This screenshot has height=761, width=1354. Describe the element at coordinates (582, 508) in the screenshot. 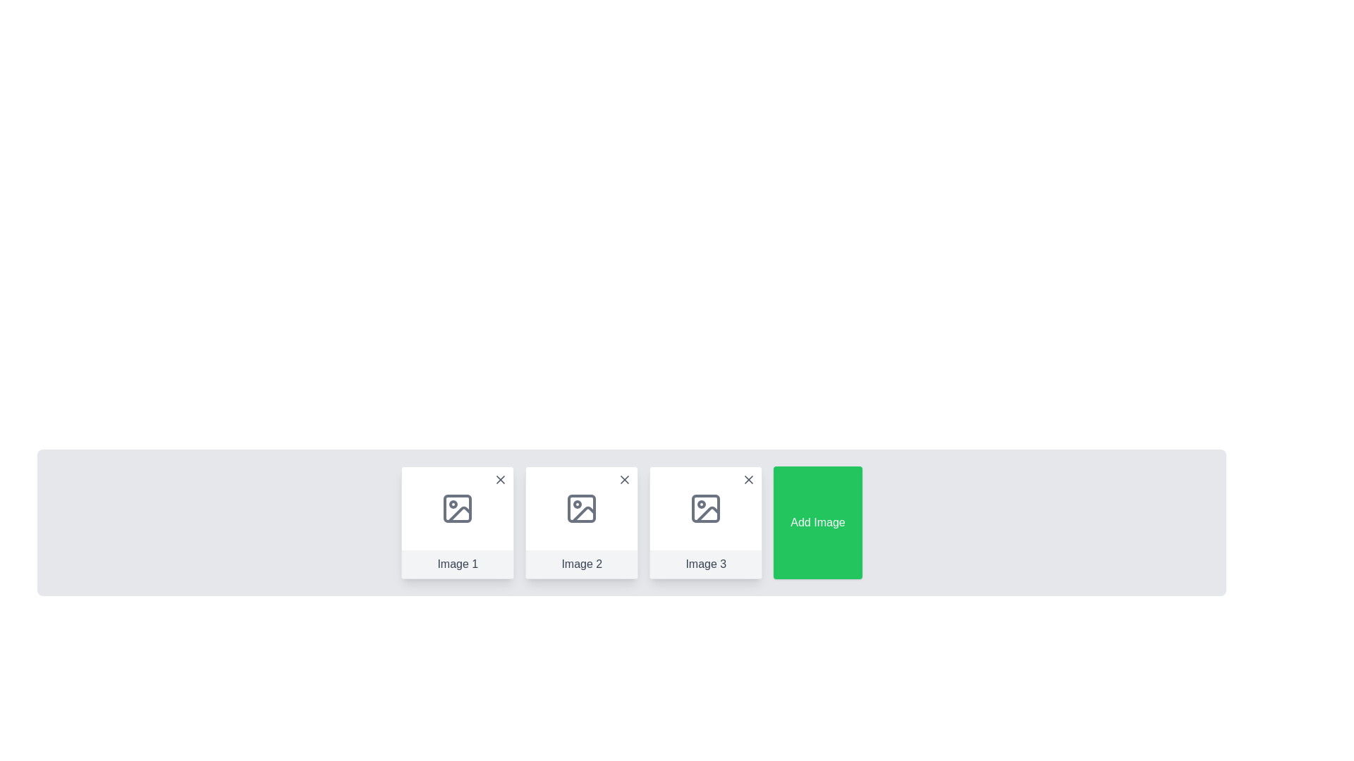

I see `the Image placeholder icon located within the 'Image 2' card, which is the second card in a horizontal list, centered and occupying most of the card's vertical space` at that location.